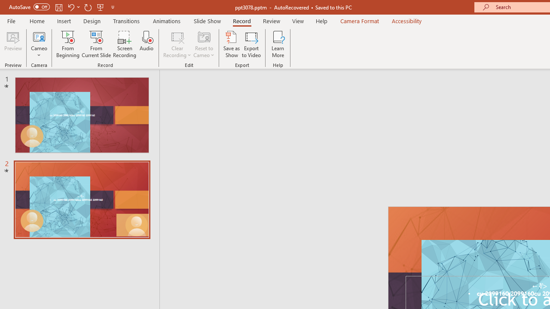 Image resolution: width=550 pixels, height=309 pixels. What do you see at coordinates (39, 36) in the screenshot?
I see `'Cameo'` at bounding box center [39, 36].